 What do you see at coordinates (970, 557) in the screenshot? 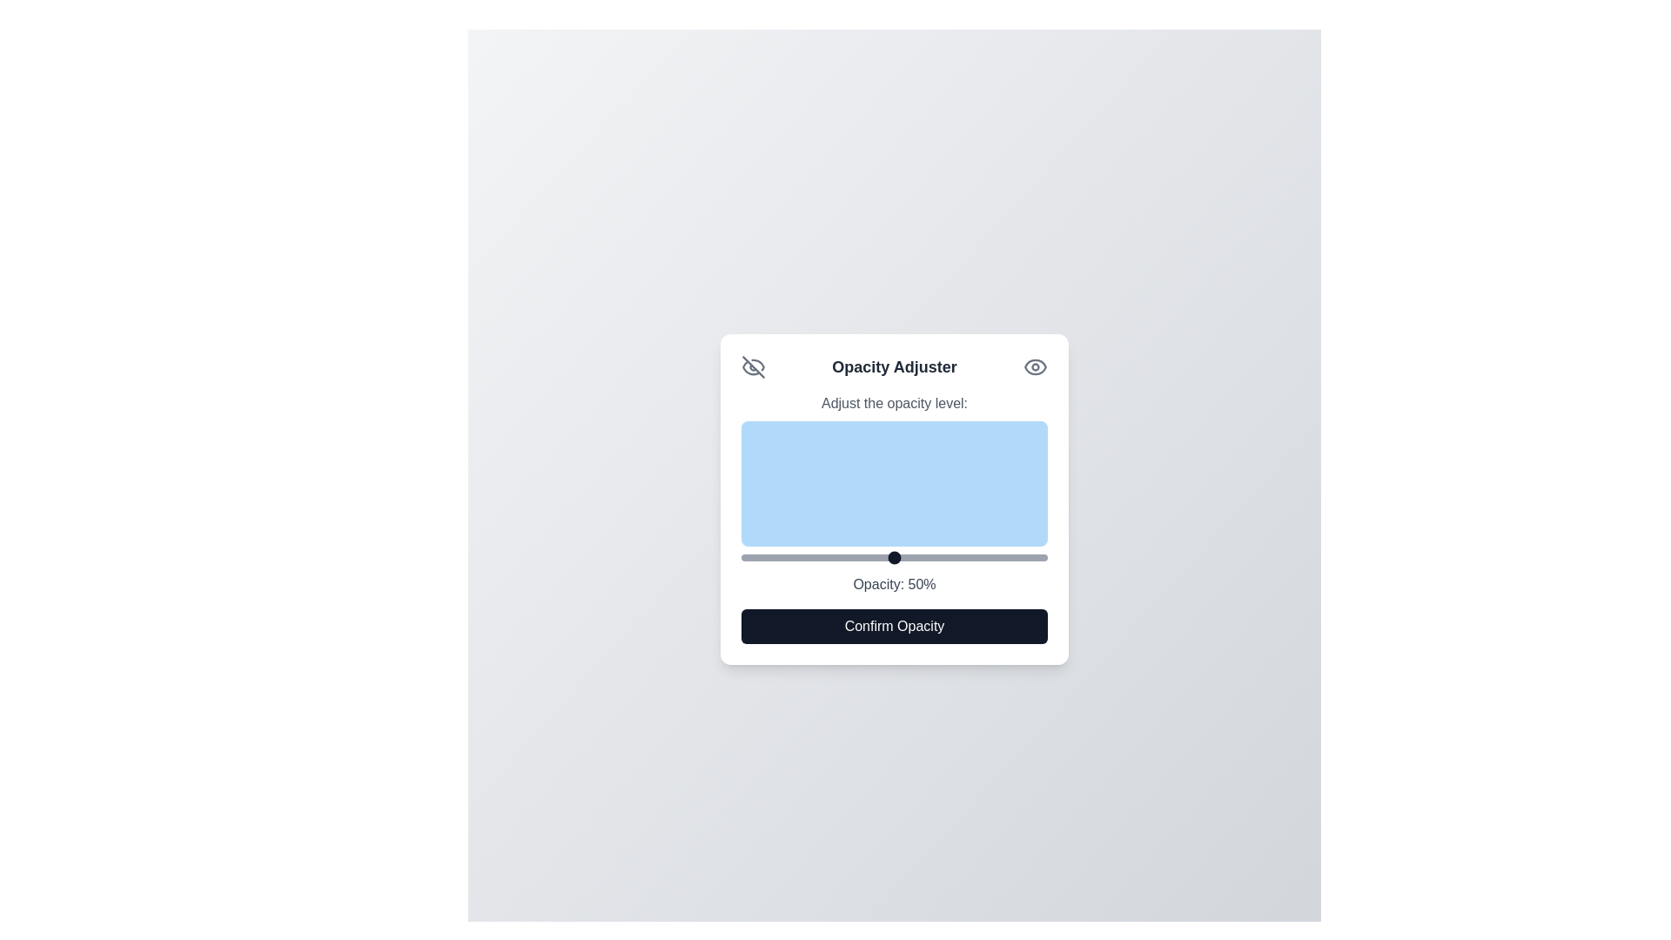
I see `the opacity slider to 75%` at bounding box center [970, 557].